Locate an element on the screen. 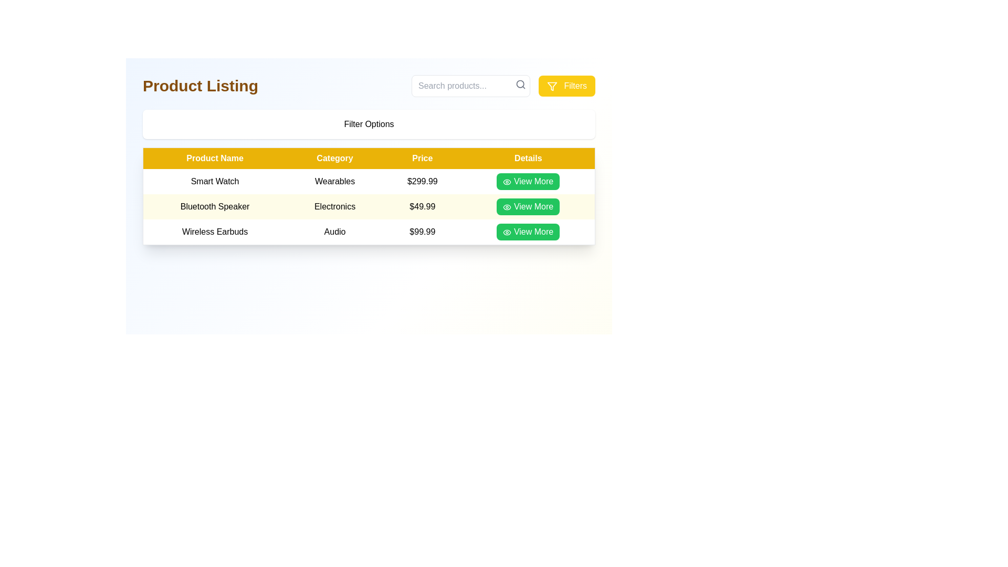 The width and height of the screenshot is (1008, 567). the Interactive Button located in the top-right section of the interface, adjacent to the search bar is located at coordinates (566, 86).